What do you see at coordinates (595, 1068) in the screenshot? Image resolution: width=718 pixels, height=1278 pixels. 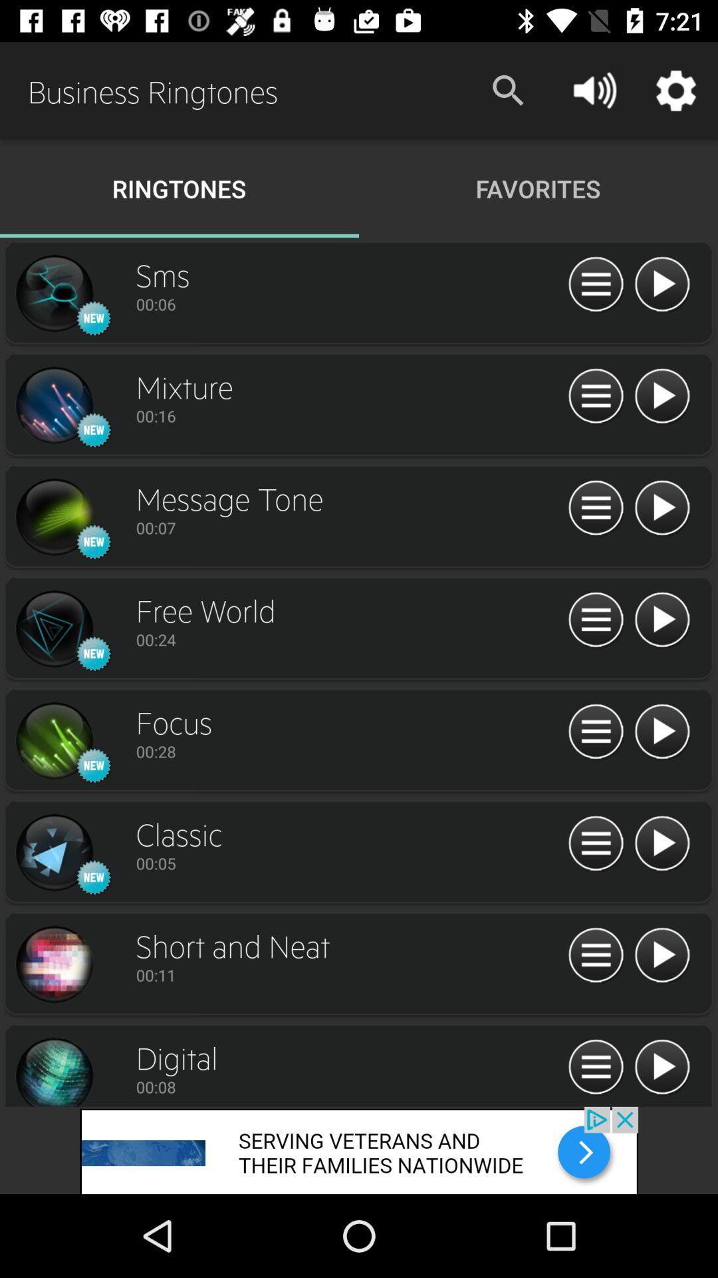 I see `play` at bounding box center [595, 1068].